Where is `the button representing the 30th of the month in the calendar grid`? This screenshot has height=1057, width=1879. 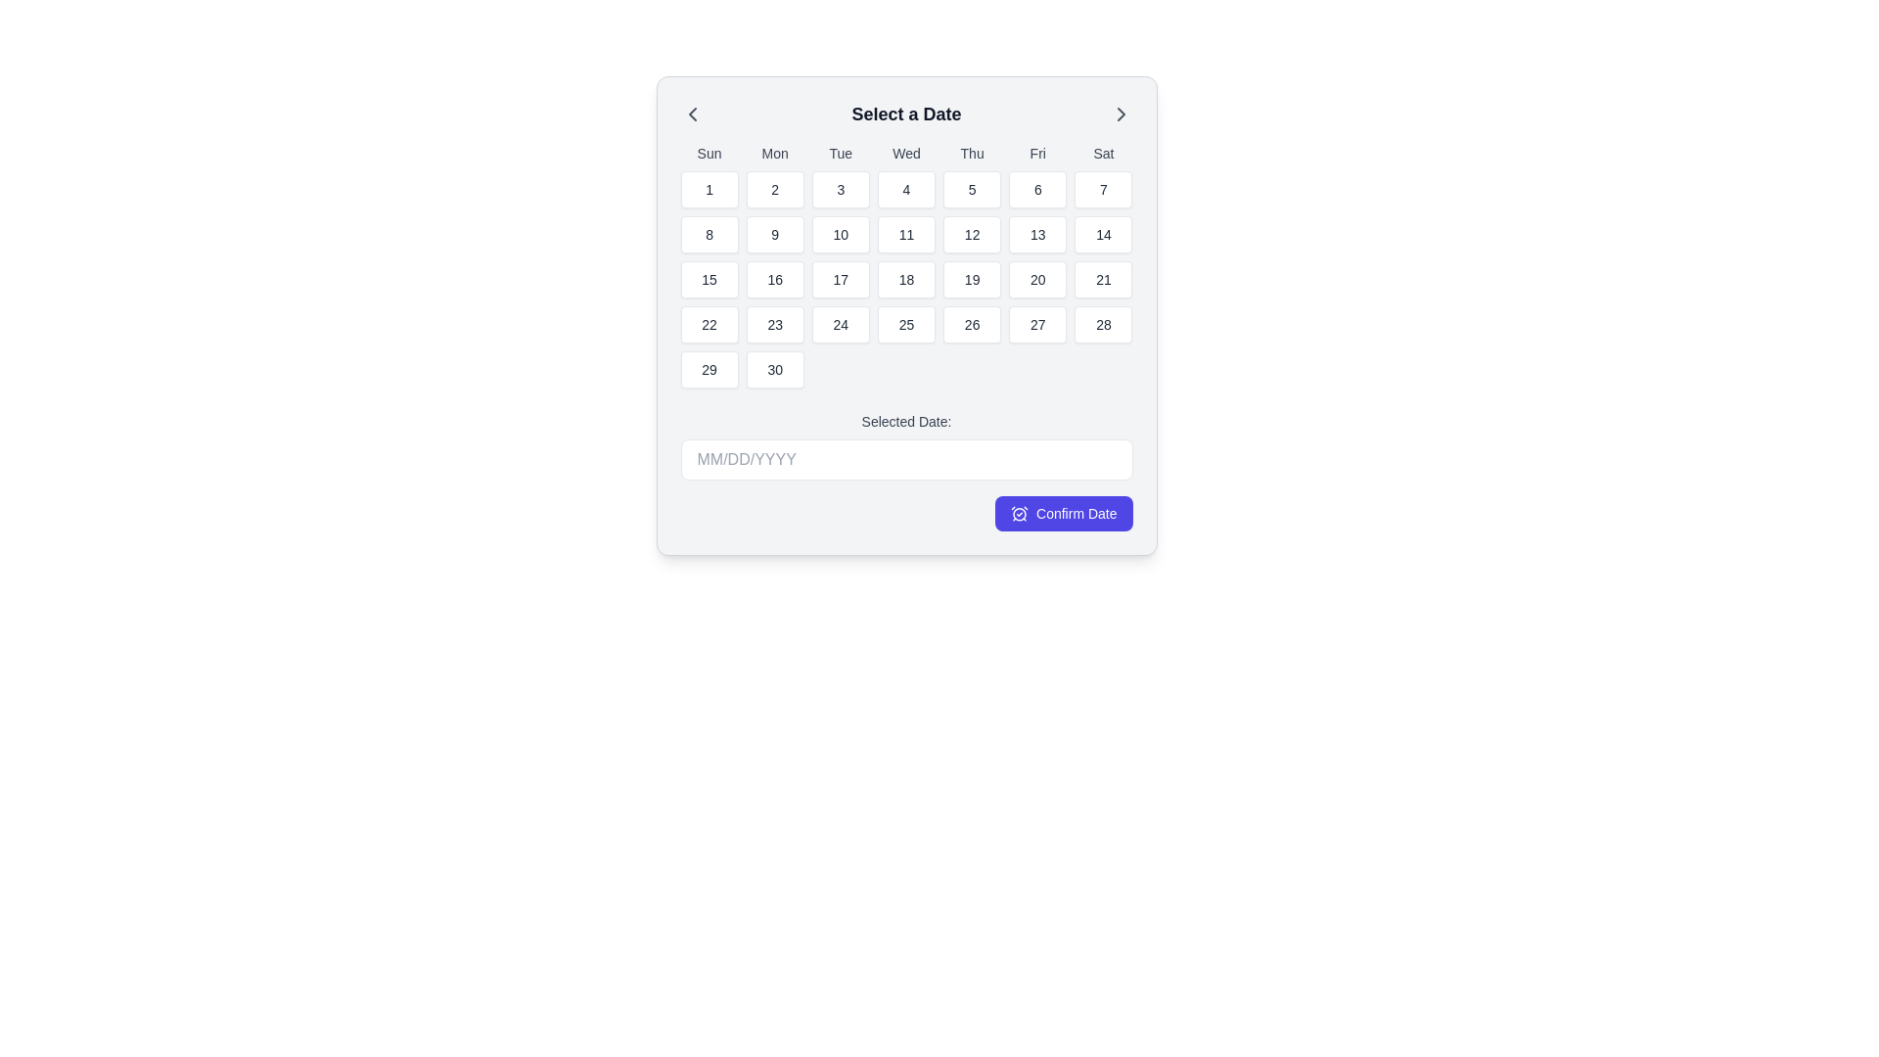 the button representing the 30th of the month in the calendar grid is located at coordinates (774, 370).